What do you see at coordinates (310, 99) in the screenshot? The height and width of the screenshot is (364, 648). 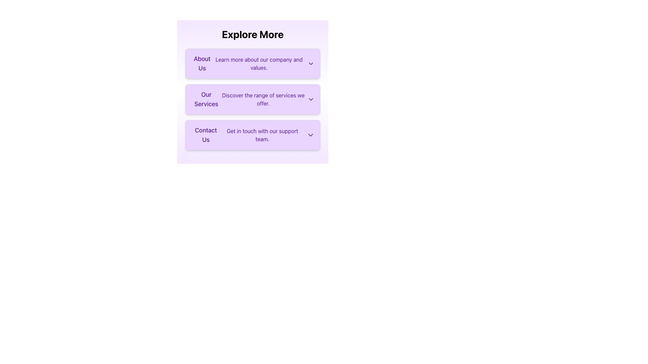 I see `the chevron icon located at the rightmost part of the 'Our Services' card` at bounding box center [310, 99].